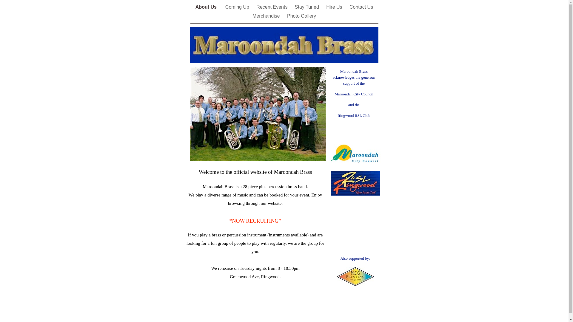  Describe the element at coordinates (355, 285) in the screenshot. I see `'http://www.mcgprinting.com.au'` at that location.